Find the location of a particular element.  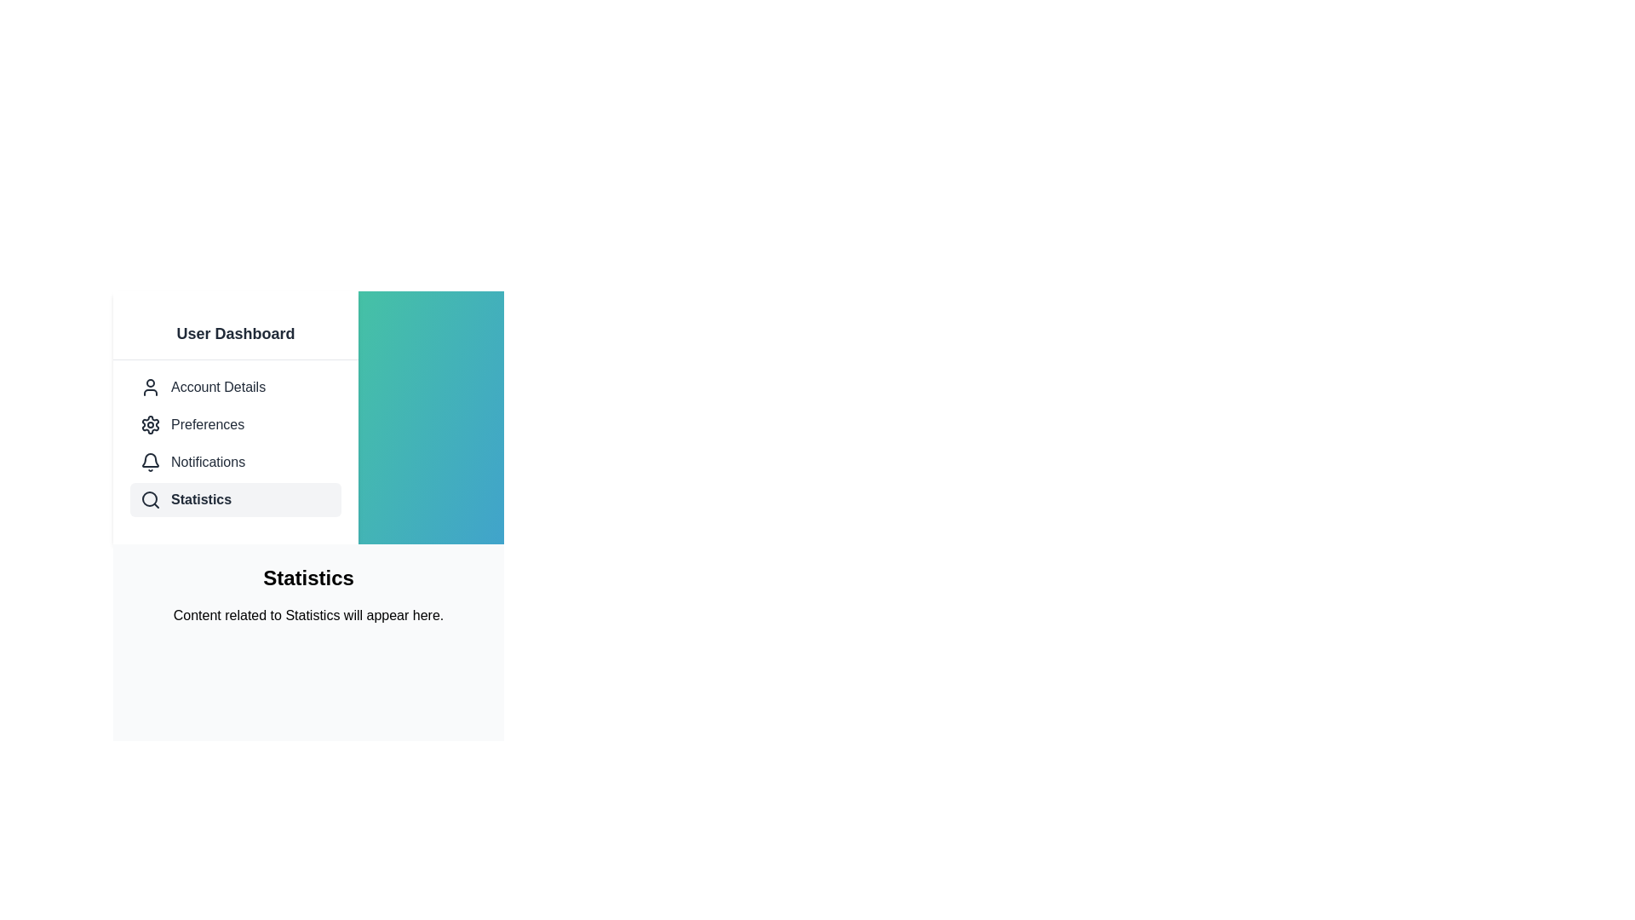

the 'Notifications' menu item in the Sidebar, which has a bell-shaped icon and is the third option under 'User Dashboard' is located at coordinates (235, 463).